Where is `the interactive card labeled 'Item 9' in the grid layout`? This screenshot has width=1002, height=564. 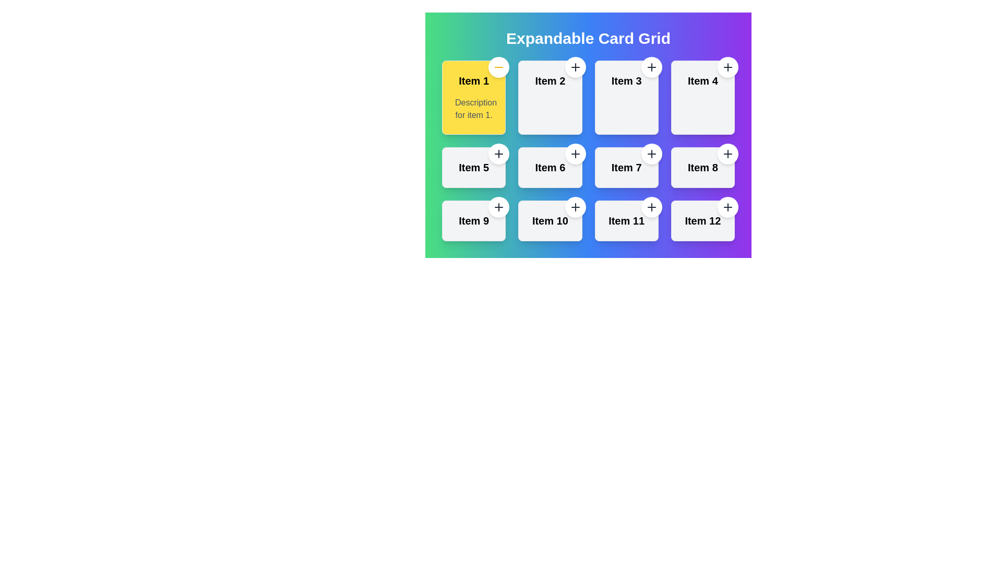 the interactive card labeled 'Item 9' in the grid layout is located at coordinates (473, 220).